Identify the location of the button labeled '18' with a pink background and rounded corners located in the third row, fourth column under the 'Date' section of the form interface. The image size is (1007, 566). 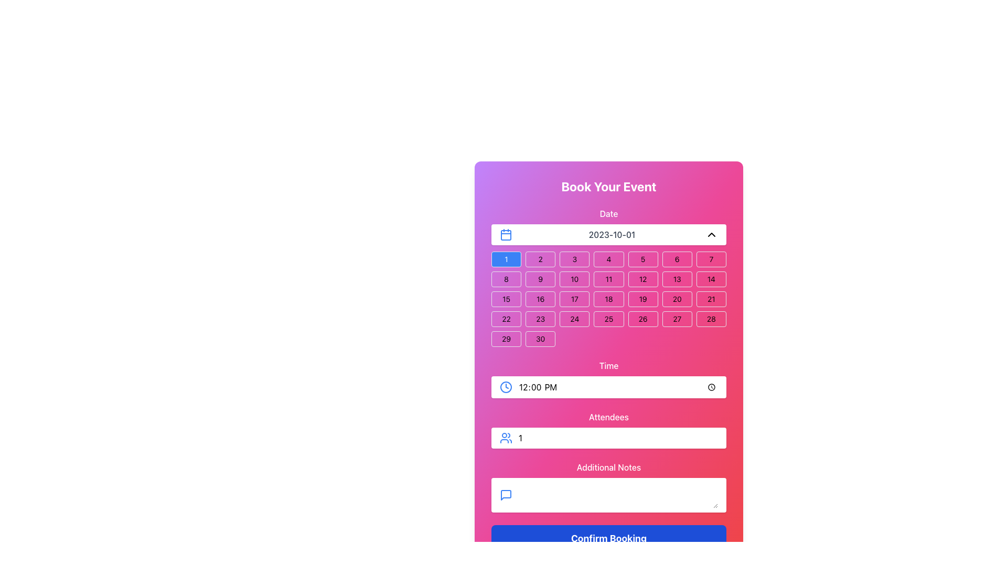
(609, 299).